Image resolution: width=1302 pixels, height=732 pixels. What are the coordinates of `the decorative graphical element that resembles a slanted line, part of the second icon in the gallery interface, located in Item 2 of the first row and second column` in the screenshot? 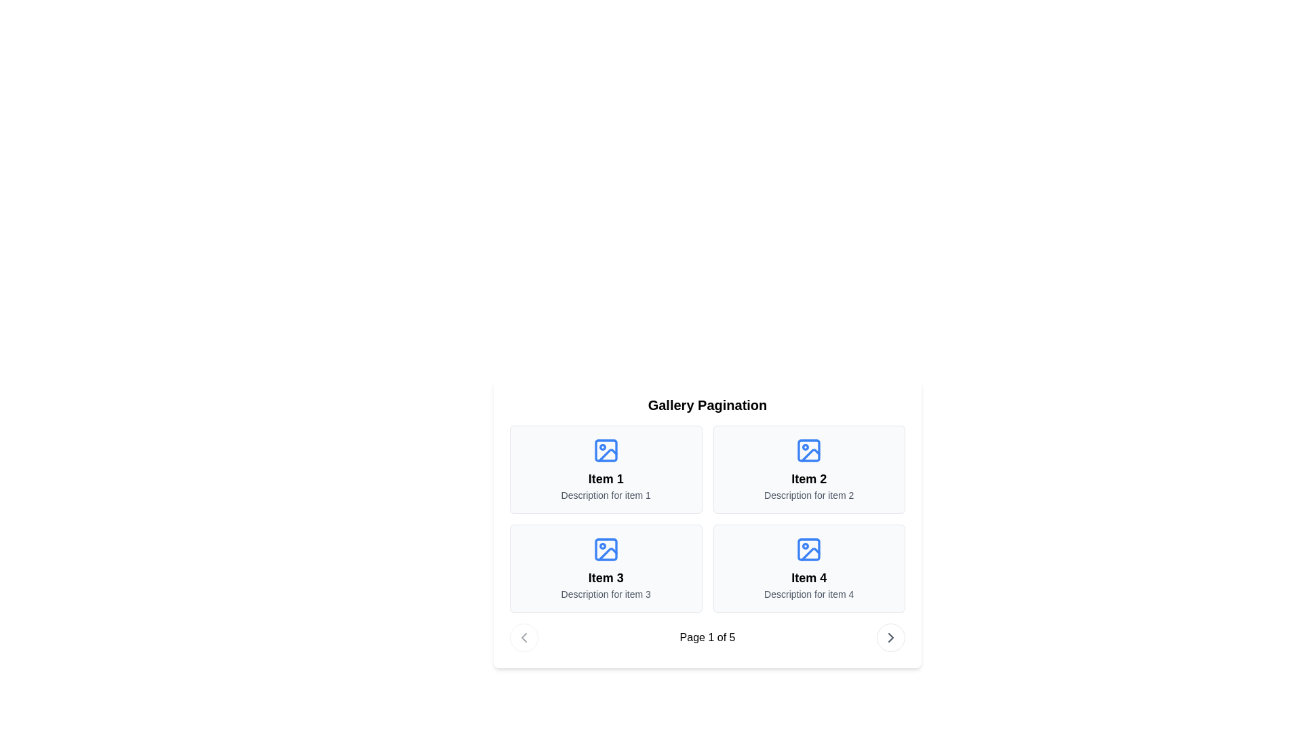 It's located at (810, 455).